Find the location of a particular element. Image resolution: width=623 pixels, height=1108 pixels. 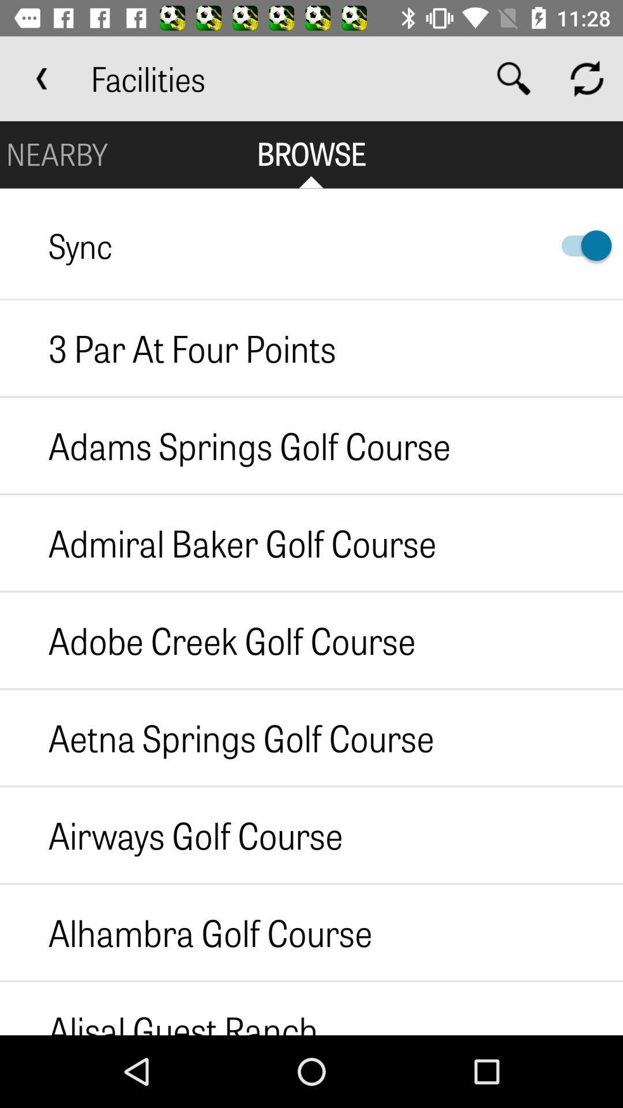

app next to facilities item is located at coordinates (42, 78).